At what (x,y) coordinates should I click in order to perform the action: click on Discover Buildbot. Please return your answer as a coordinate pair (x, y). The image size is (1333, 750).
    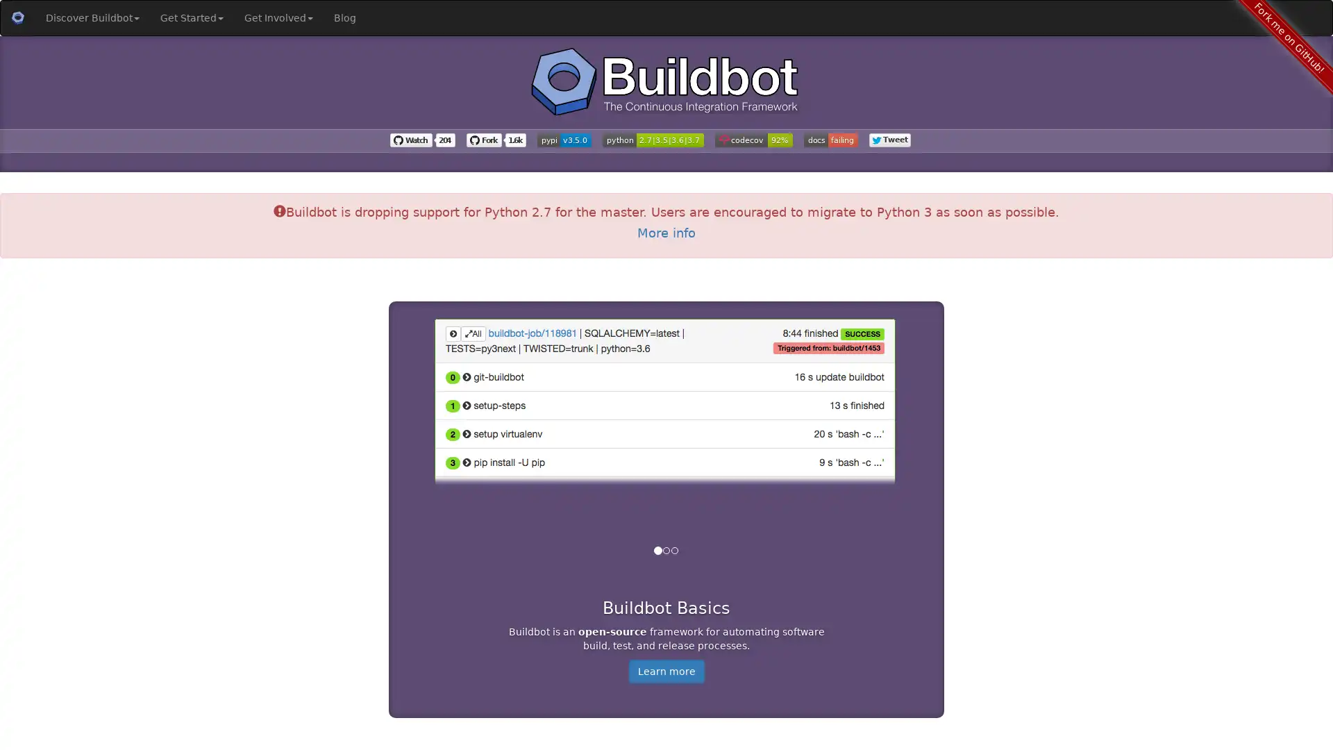
    Looking at the image, I should click on (92, 18).